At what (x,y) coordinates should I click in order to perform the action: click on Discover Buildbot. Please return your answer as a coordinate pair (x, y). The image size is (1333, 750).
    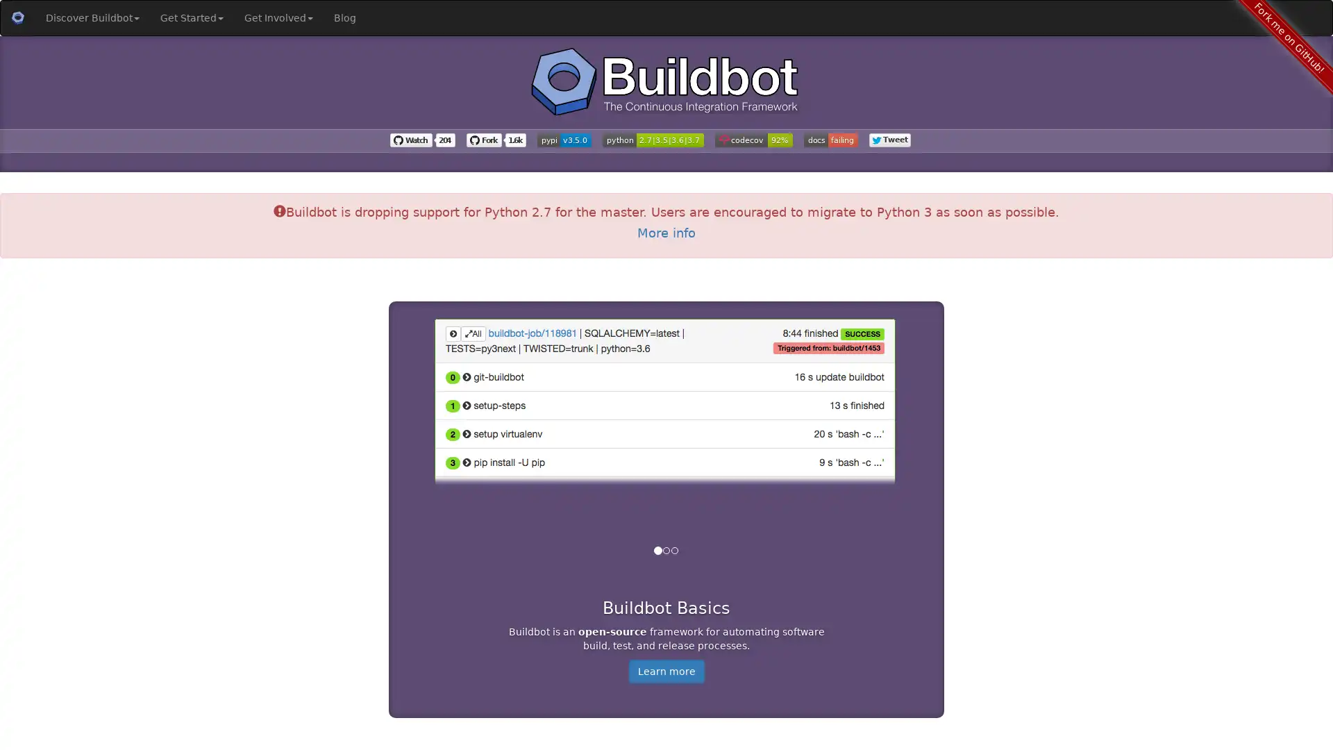
    Looking at the image, I should click on (92, 18).